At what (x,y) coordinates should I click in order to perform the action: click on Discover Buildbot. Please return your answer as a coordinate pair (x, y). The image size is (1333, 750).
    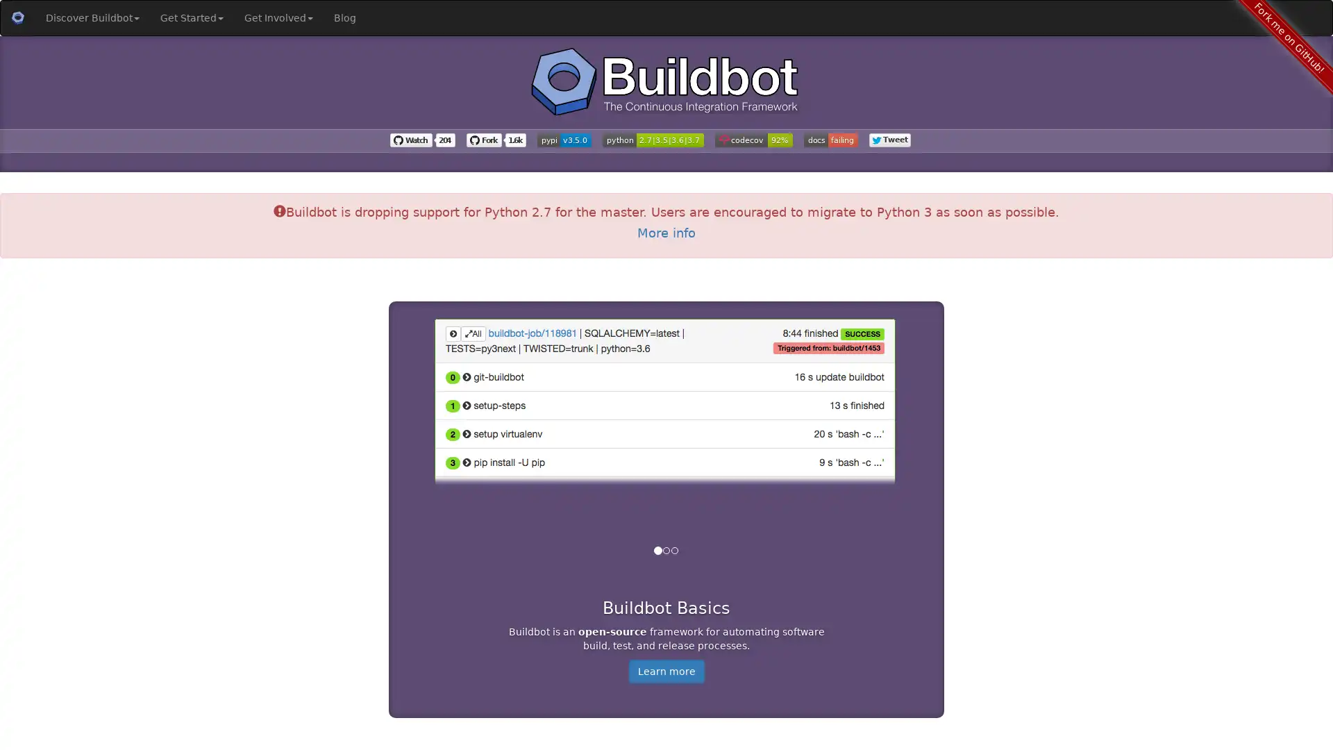
    Looking at the image, I should click on (92, 18).